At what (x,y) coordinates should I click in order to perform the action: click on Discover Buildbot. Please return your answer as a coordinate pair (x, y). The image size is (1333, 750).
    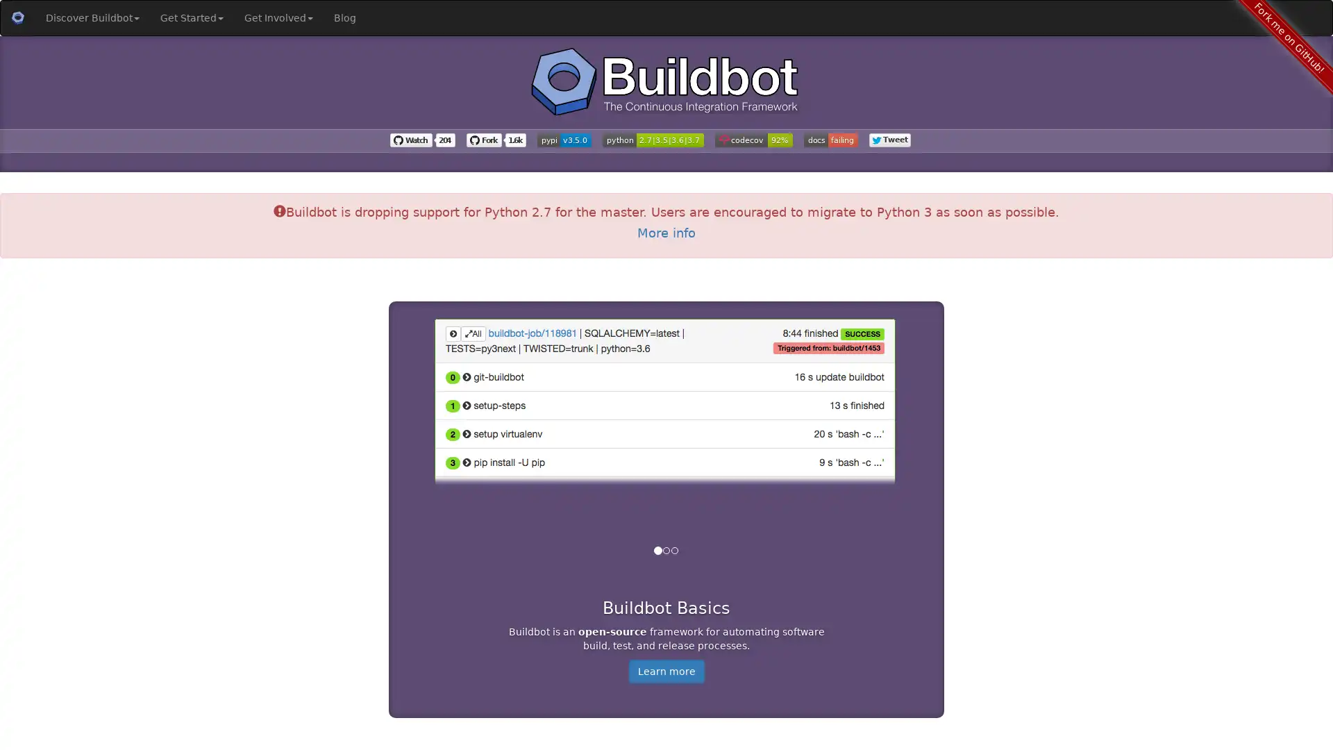
    Looking at the image, I should click on (92, 18).